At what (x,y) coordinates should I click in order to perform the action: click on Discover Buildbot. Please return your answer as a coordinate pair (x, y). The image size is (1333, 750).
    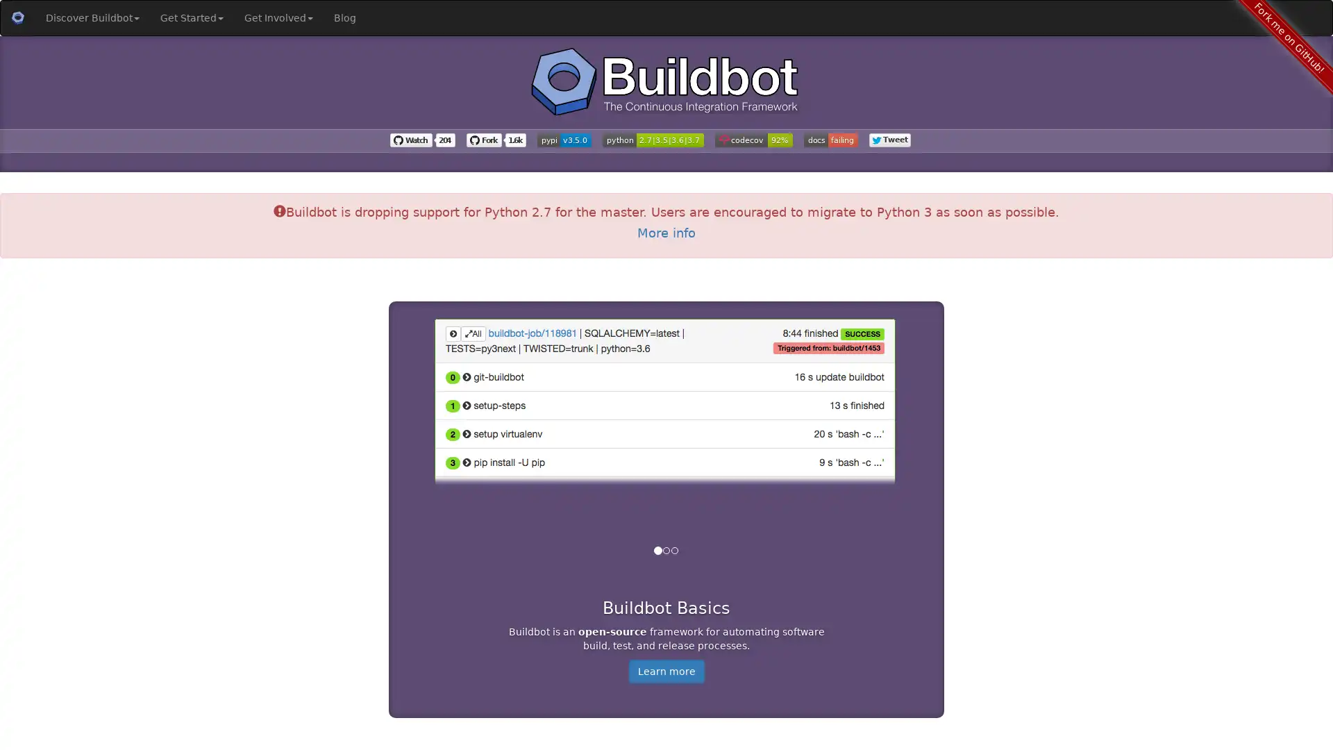
    Looking at the image, I should click on (92, 18).